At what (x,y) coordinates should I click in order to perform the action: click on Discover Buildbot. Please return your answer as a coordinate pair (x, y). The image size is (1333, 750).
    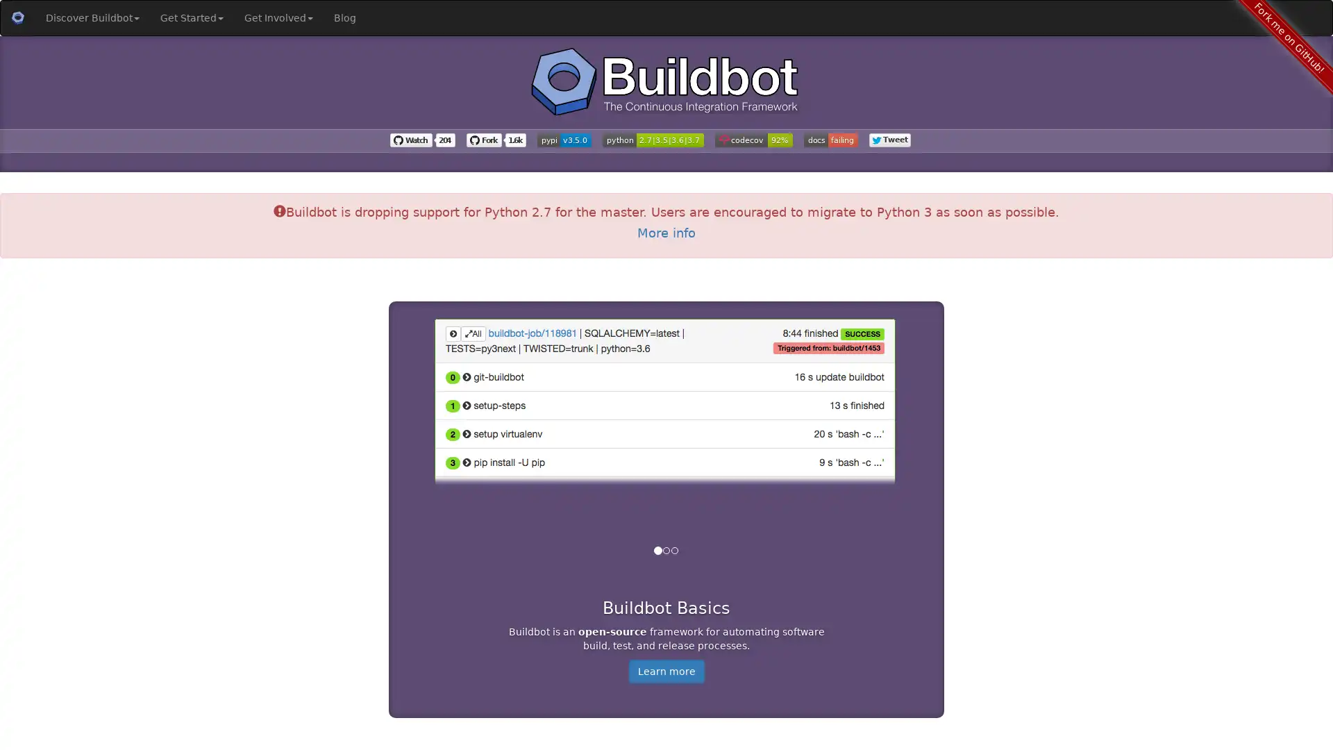
    Looking at the image, I should click on (92, 18).